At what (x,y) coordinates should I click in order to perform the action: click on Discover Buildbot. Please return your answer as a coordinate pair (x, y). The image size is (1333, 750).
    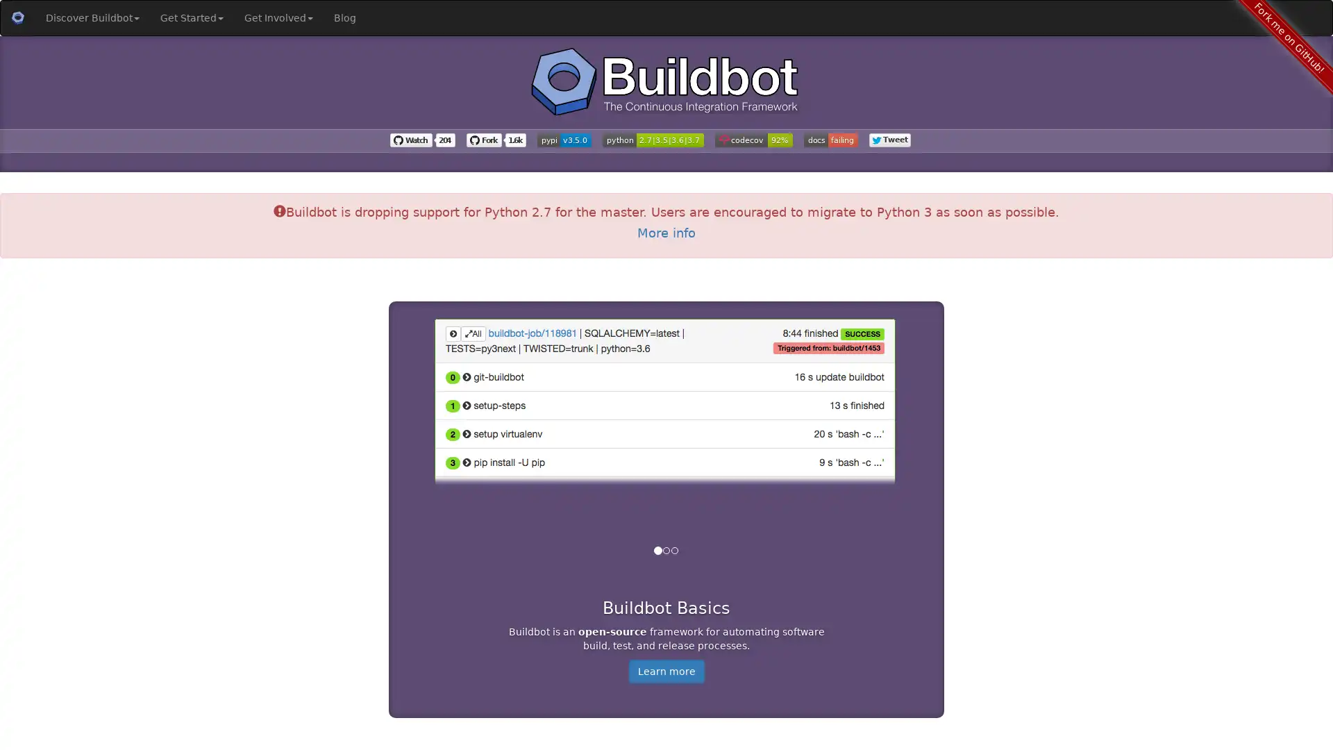
    Looking at the image, I should click on (92, 18).